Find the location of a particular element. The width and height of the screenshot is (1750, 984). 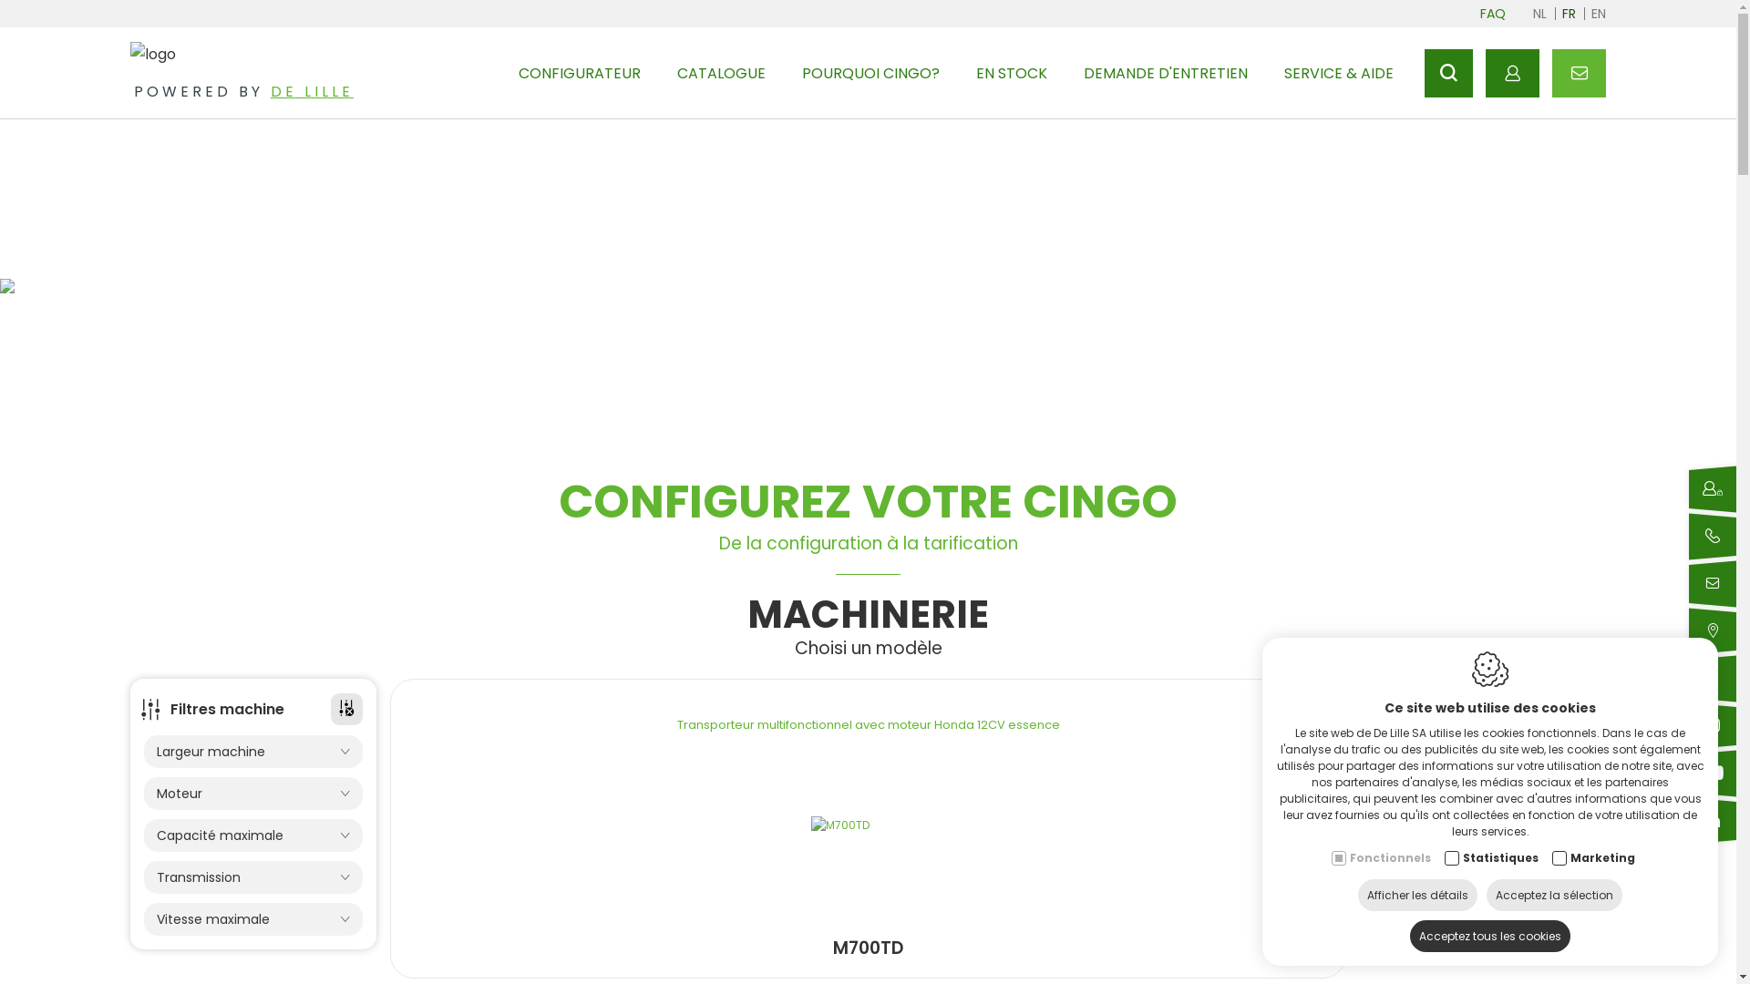

'CATALOGUE' is located at coordinates (676, 72).